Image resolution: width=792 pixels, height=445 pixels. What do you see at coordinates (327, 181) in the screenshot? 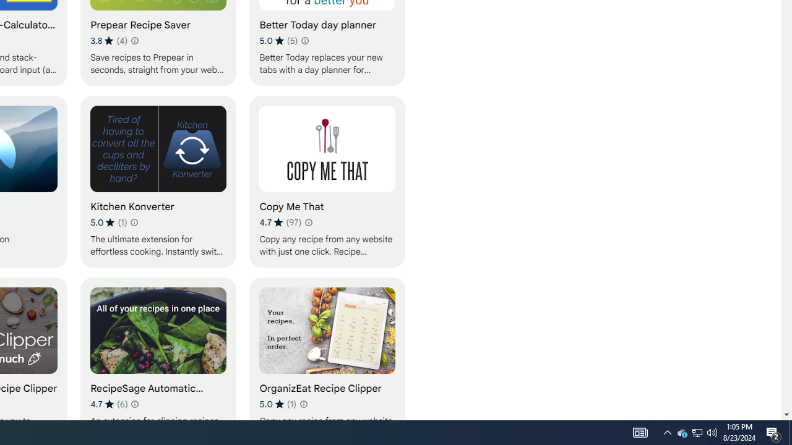
I see `'Copy Me That'` at bounding box center [327, 181].